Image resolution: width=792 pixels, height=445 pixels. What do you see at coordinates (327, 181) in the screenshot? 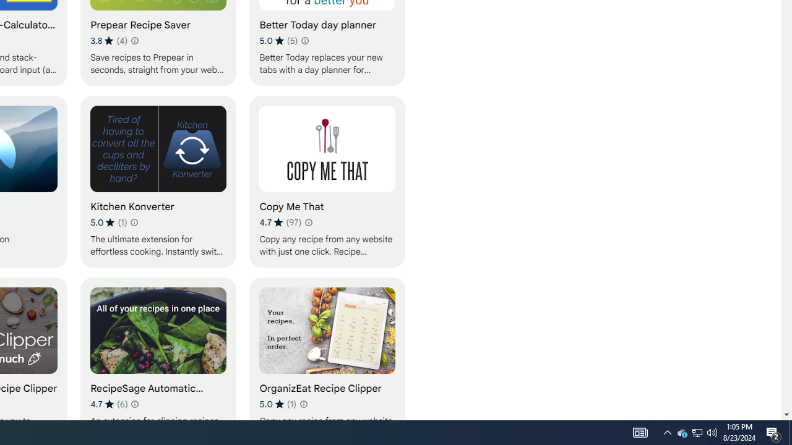
I see `'Copy Me That'` at bounding box center [327, 181].